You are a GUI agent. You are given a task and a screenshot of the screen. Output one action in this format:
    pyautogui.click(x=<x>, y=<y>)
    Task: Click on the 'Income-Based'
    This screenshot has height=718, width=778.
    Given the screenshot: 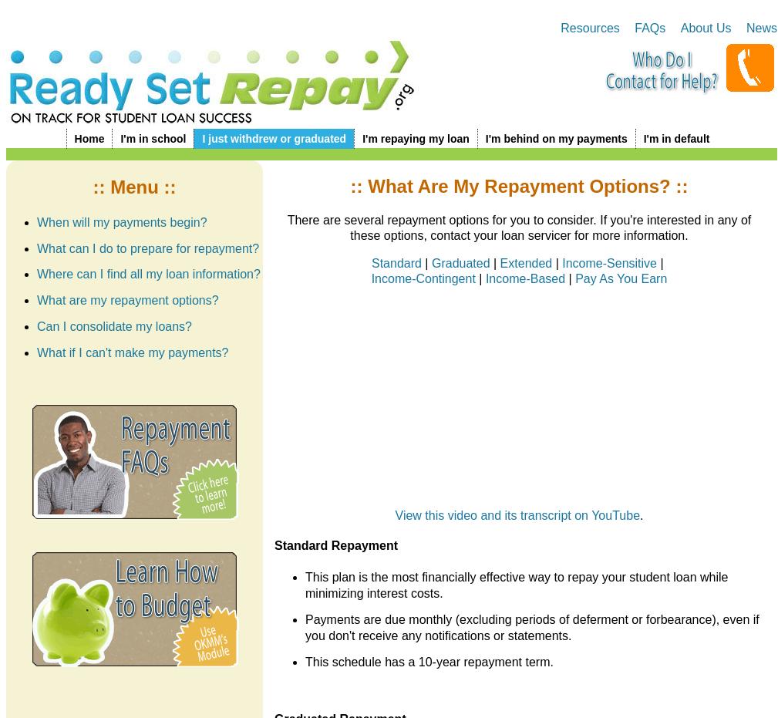 What is the action you would take?
    pyautogui.click(x=485, y=278)
    